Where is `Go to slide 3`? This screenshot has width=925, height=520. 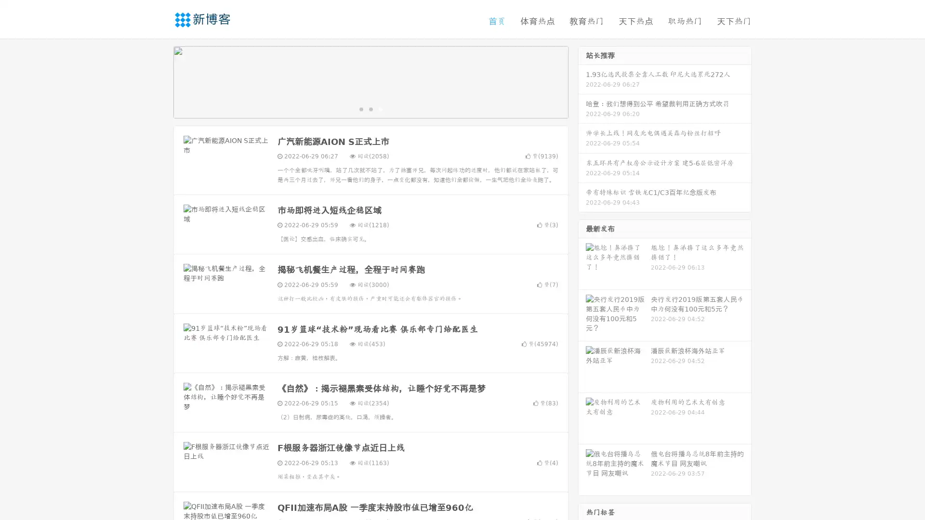
Go to slide 3 is located at coordinates (380, 108).